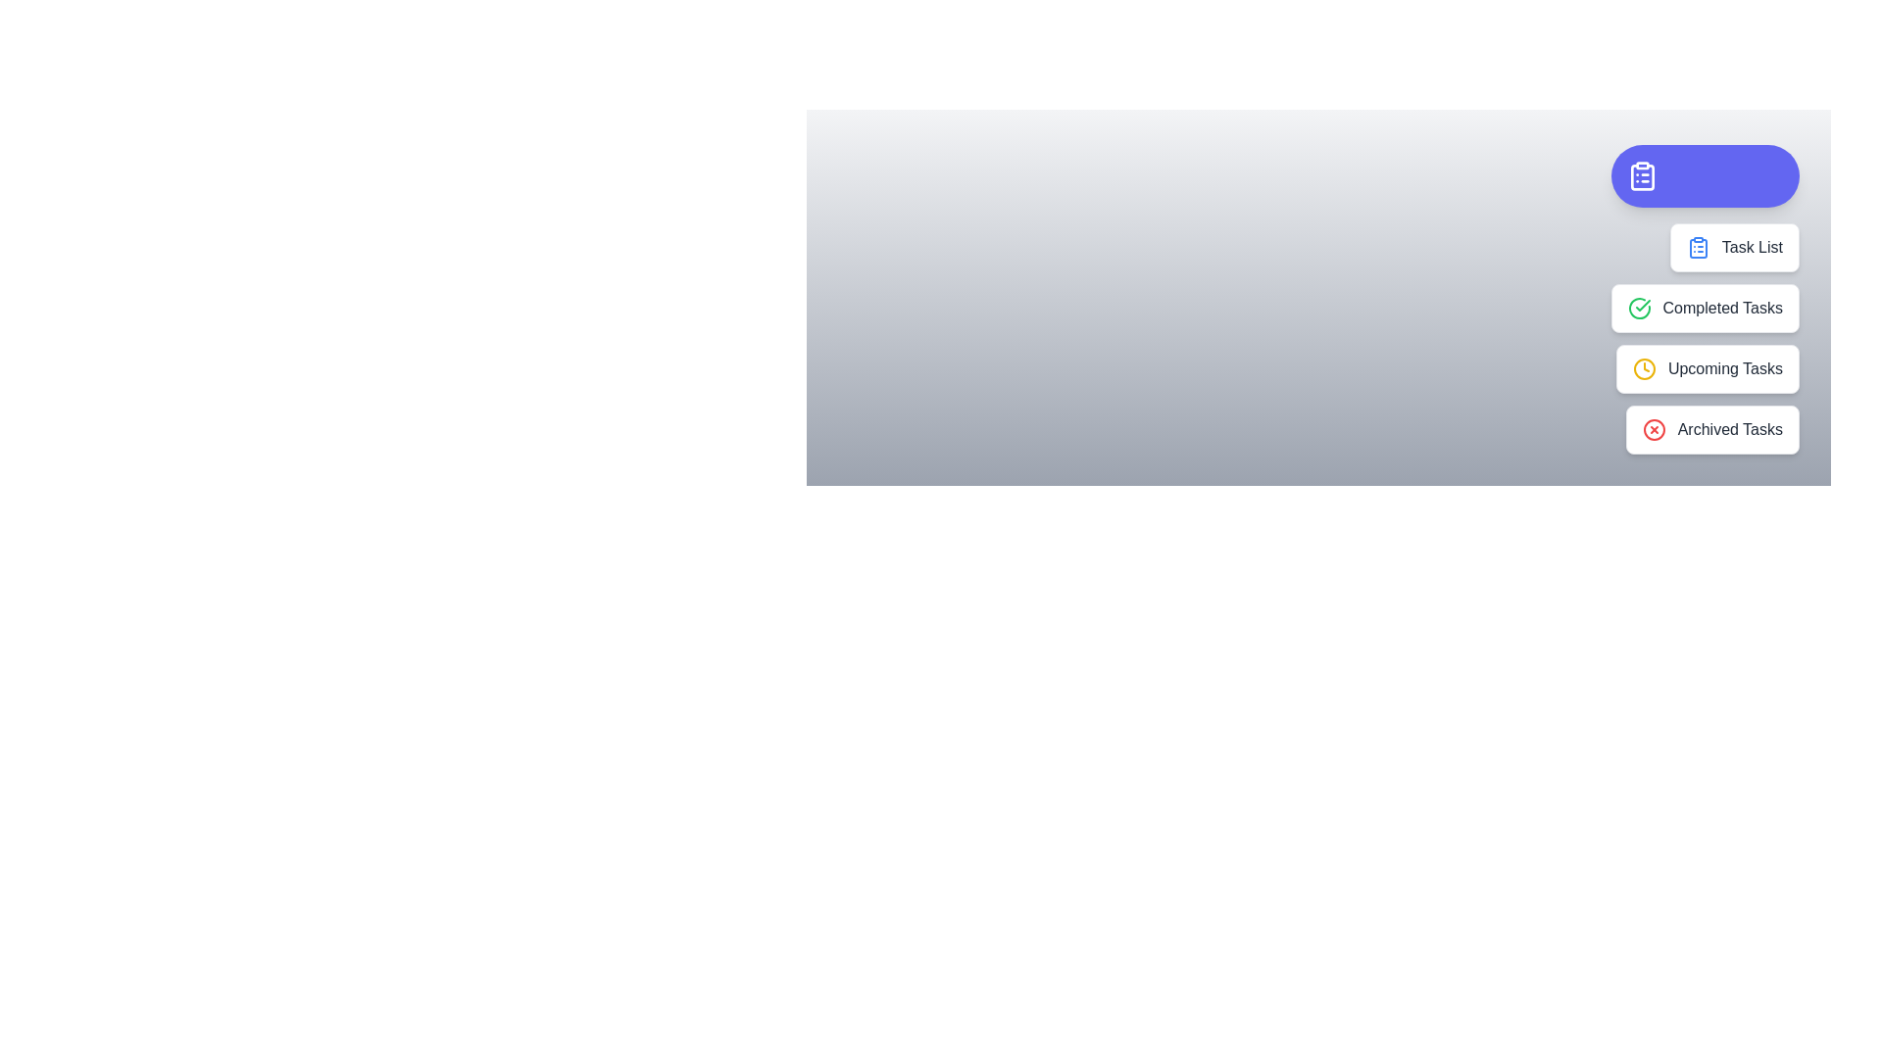 This screenshot has height=1058, width=1882. What do you see at coordinates (1711, 429) in the screenshot?
I see `the 'Archived Tasks' option to select it` at bounding box center [1711, 429].